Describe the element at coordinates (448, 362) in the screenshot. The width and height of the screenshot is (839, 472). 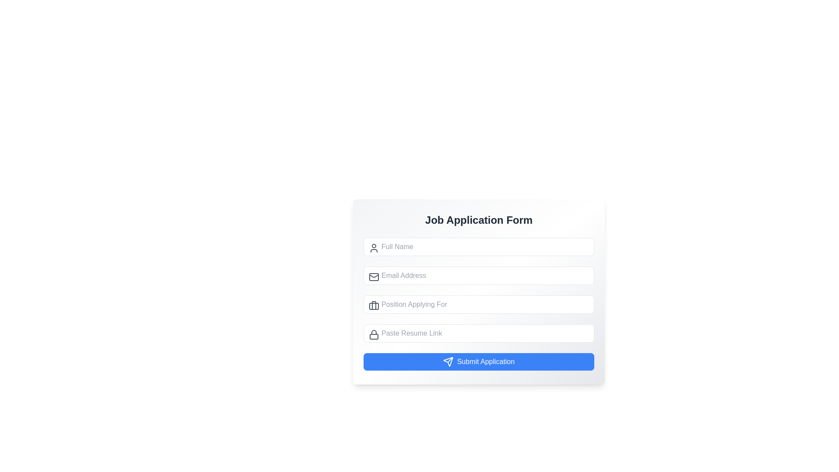
I see `the submit icon located on the left side of the 'Submit Application' button` at that location.